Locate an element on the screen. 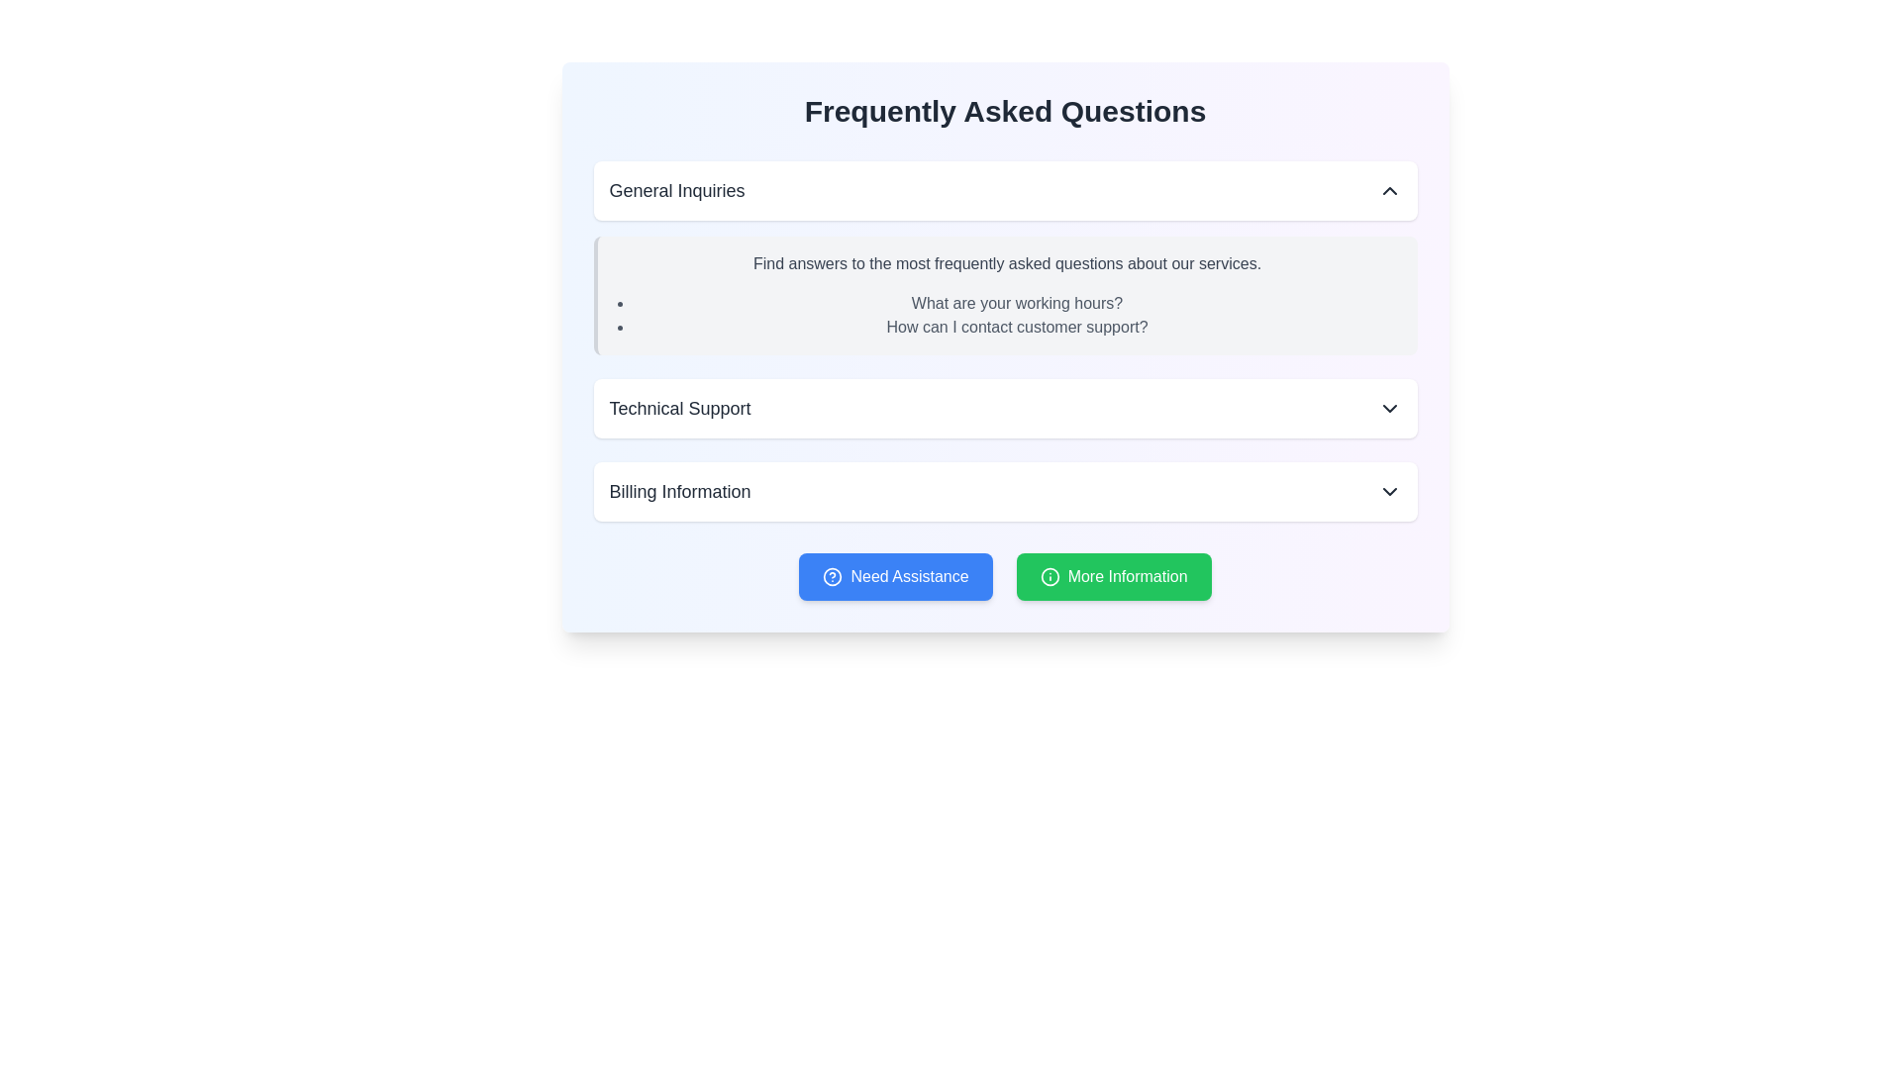 The height and width of the screenshot is (1069, 1901). the button that expands or collapses additional information related to 'Billing Information' which is the third section in the FAQ list is located at coordinates (1005, 491).